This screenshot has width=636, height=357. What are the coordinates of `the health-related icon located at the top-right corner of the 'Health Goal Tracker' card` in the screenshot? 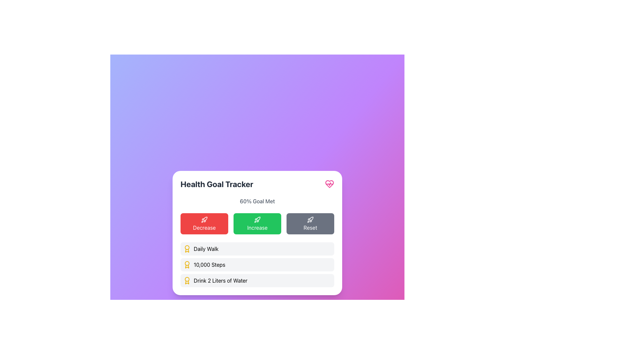 It's located at (329, 184).